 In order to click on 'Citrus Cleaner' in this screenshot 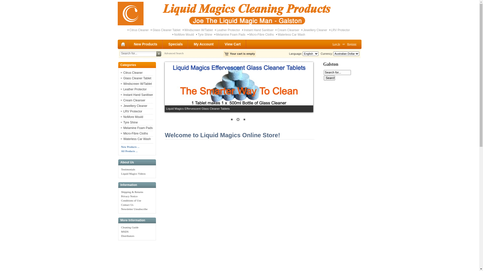, I will do `click(139, 30)`.